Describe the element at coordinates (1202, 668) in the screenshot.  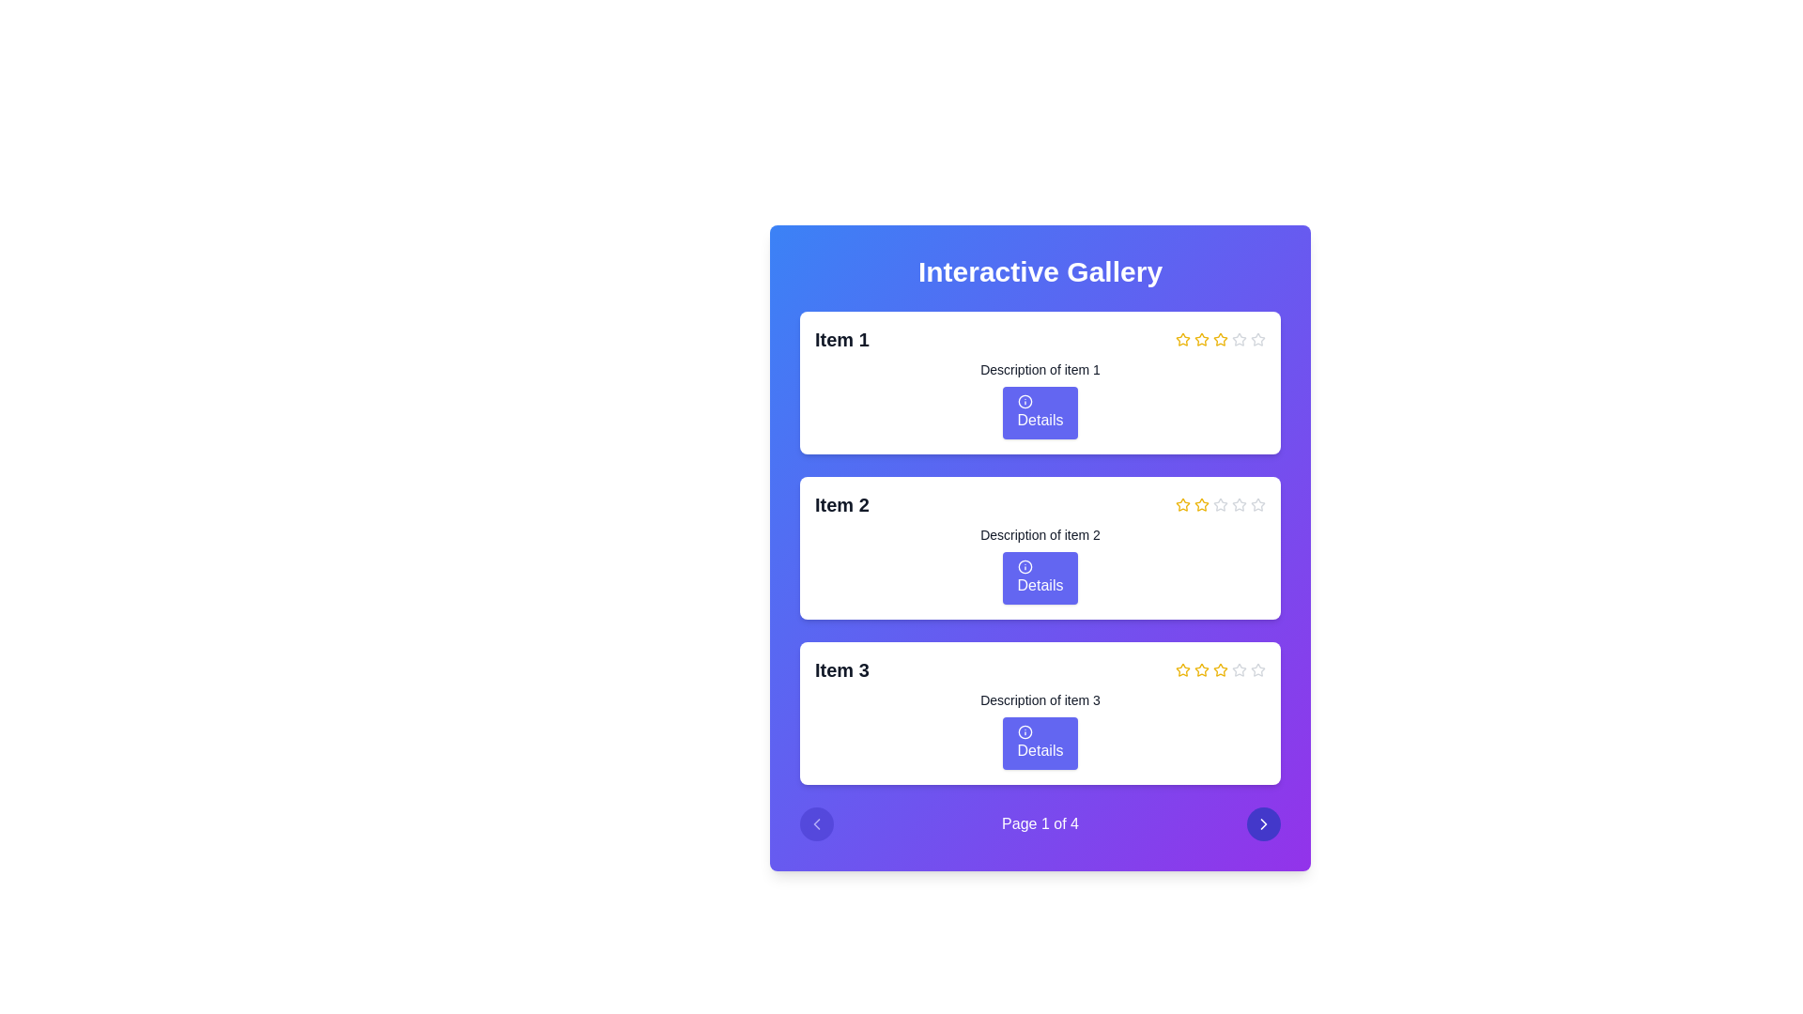
I see `the third star icon in the star rating component, which has a yellow border, to rate the item` at that location.